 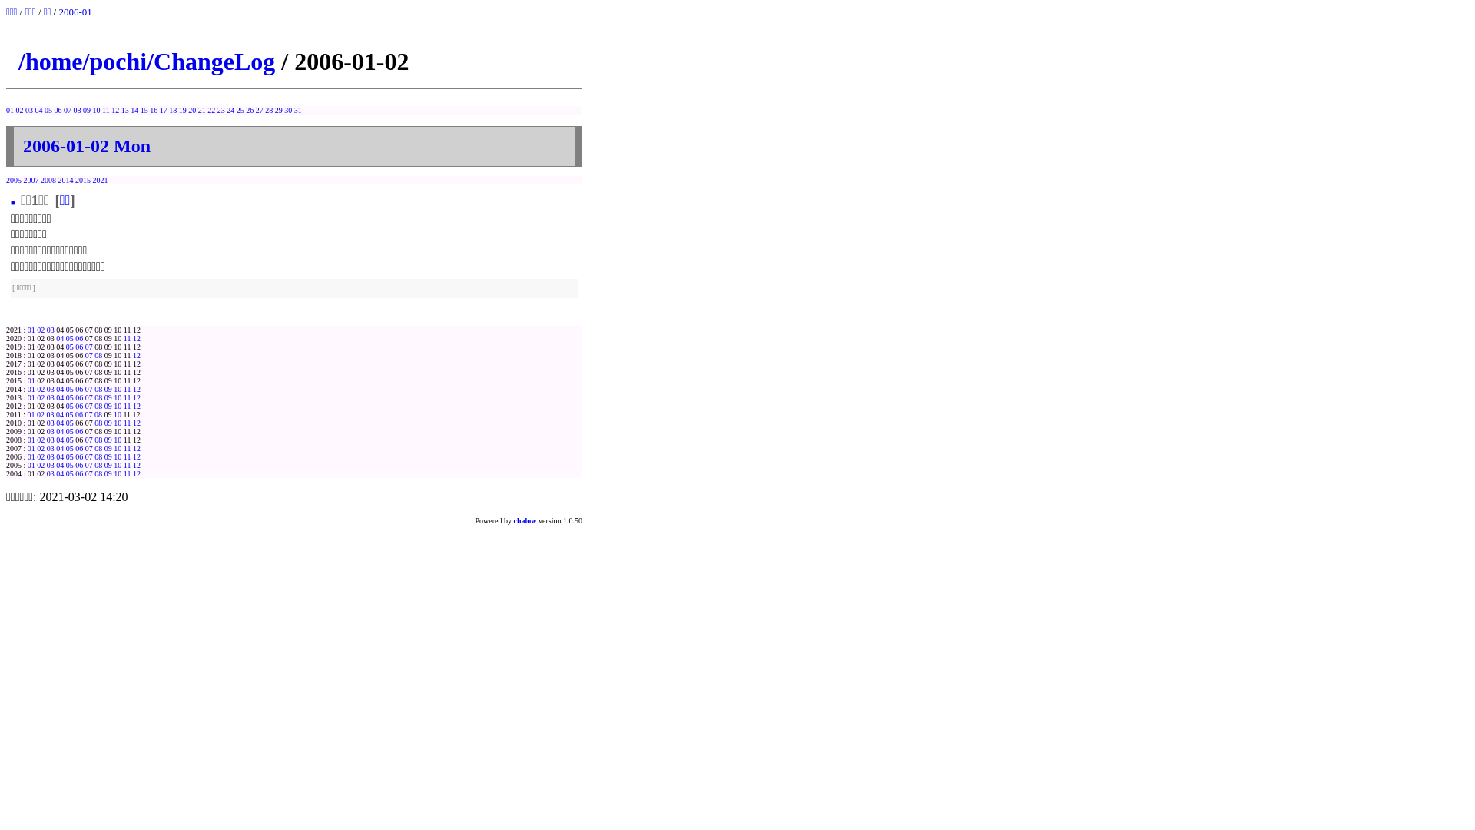 I want to click on '2006-01', so click(x=74, y=12).